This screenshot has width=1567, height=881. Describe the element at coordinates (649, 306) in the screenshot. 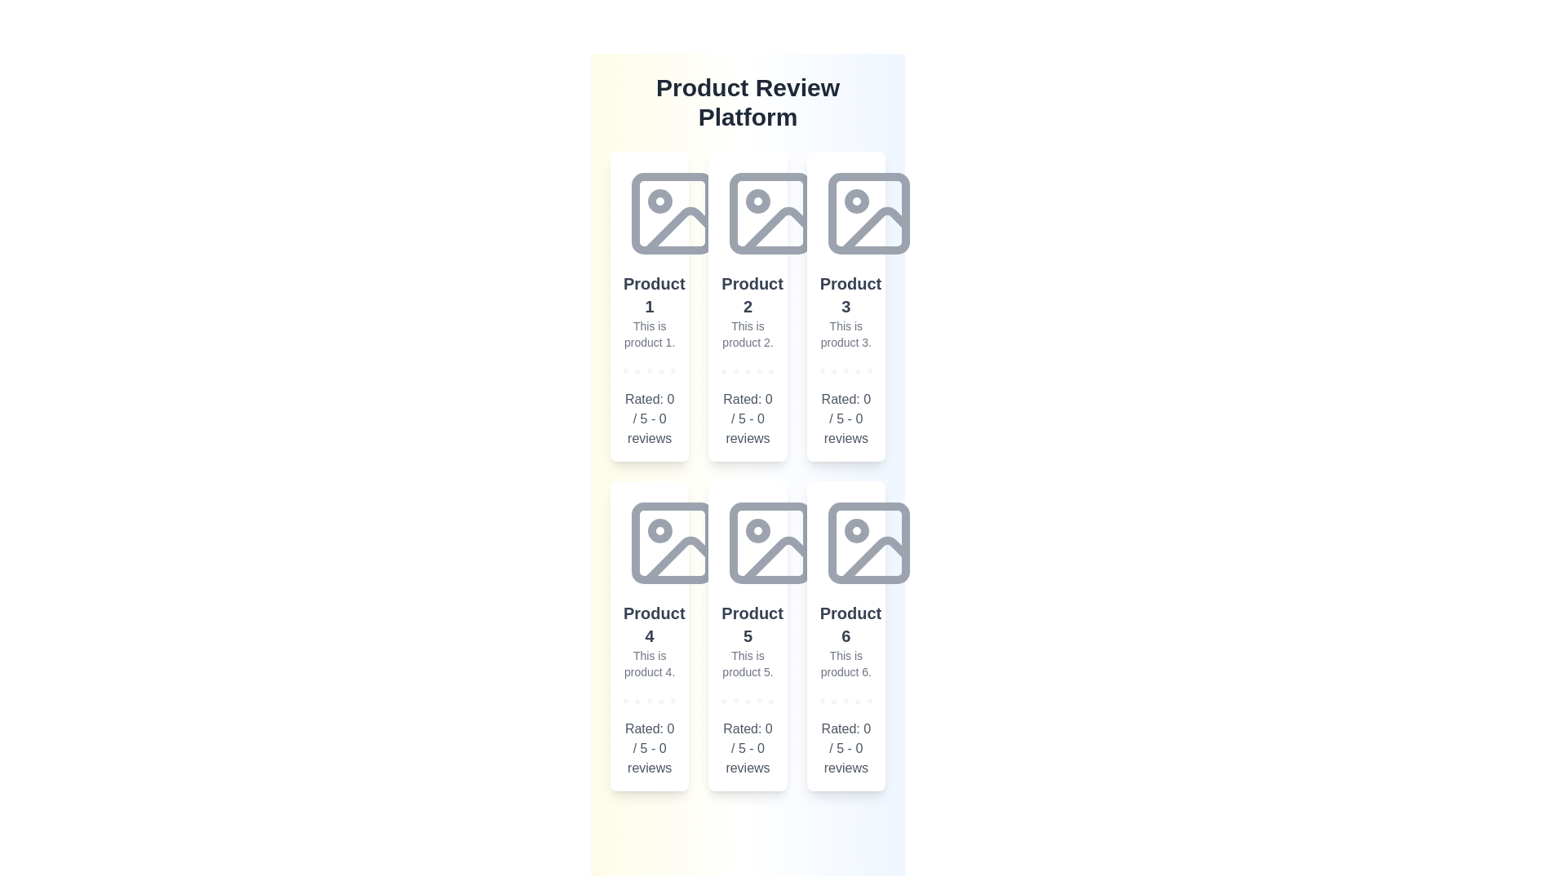

I see `the details of the product card Product 1` at that location.